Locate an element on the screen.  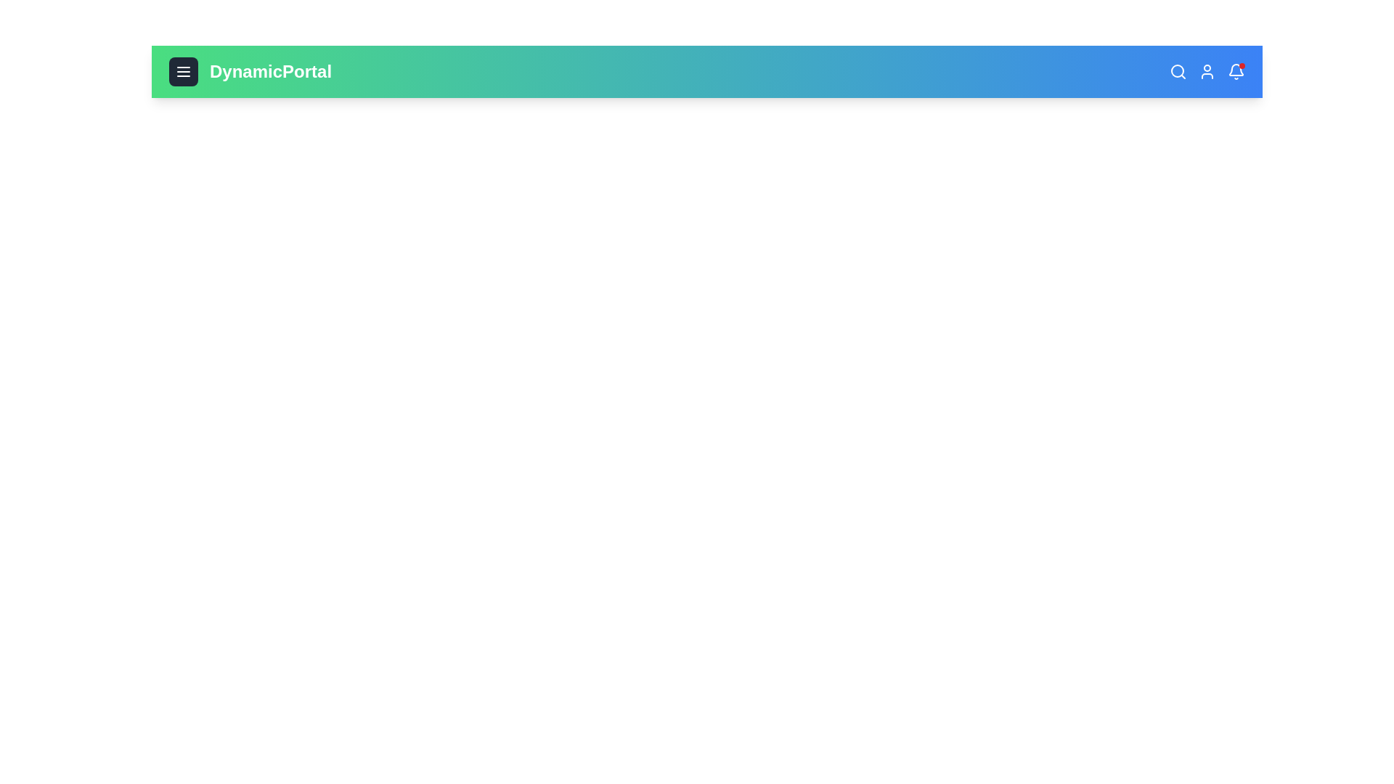
the menu button to toggle the menu visibility is located at coordinates (183, 72).